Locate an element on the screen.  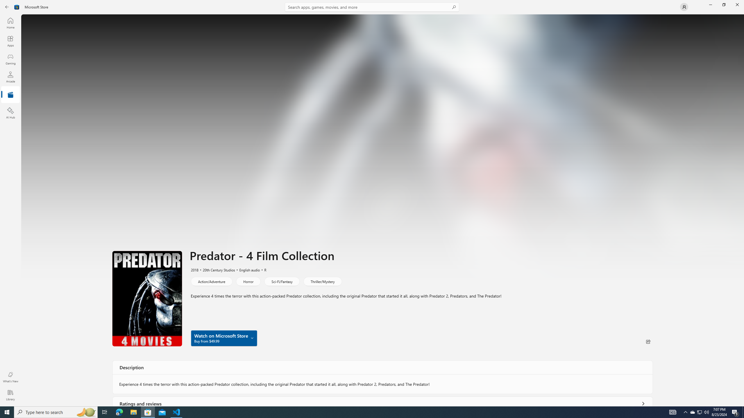
'Share' is located at coordinates (648, 341).